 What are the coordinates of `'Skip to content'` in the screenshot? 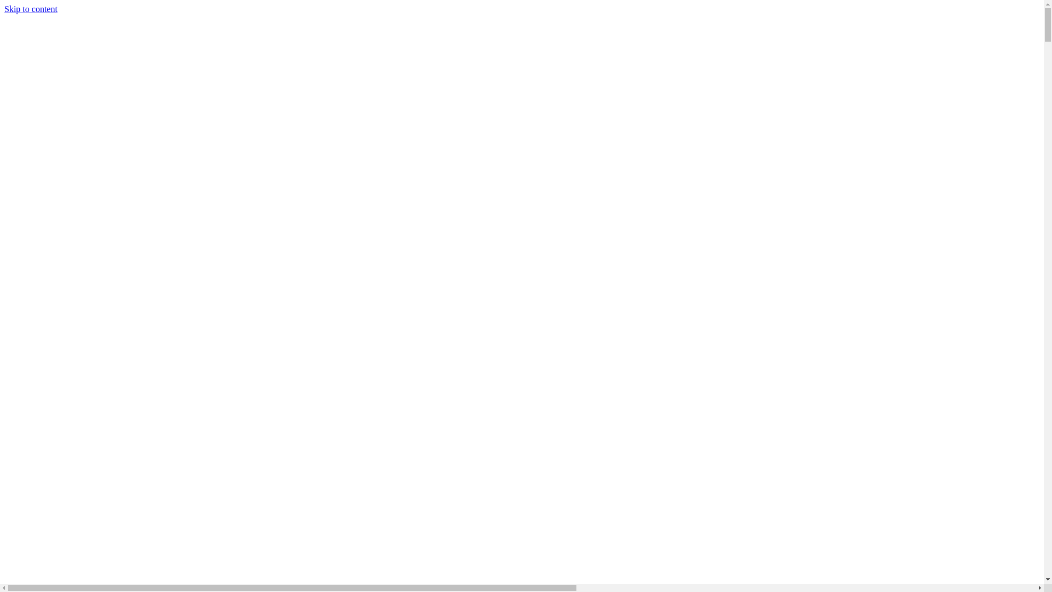 It's located at (4, 9).